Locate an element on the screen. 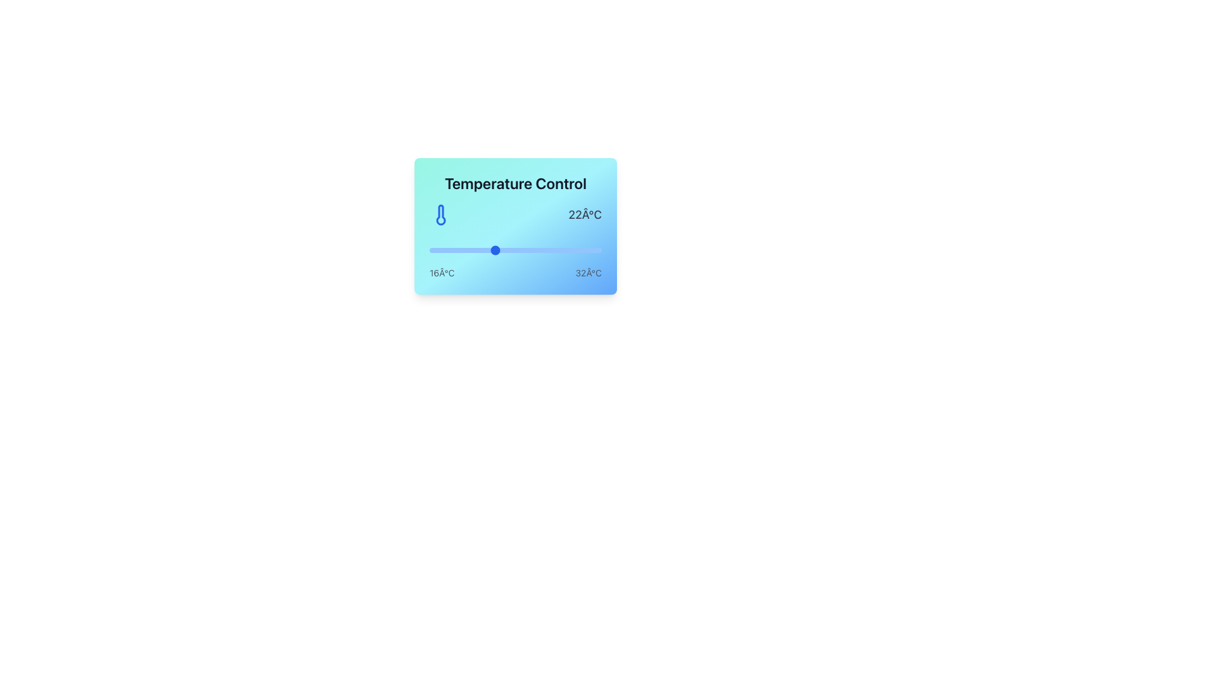 The image size is (1215, 683). the temperature is located at coordinates (440, 250).